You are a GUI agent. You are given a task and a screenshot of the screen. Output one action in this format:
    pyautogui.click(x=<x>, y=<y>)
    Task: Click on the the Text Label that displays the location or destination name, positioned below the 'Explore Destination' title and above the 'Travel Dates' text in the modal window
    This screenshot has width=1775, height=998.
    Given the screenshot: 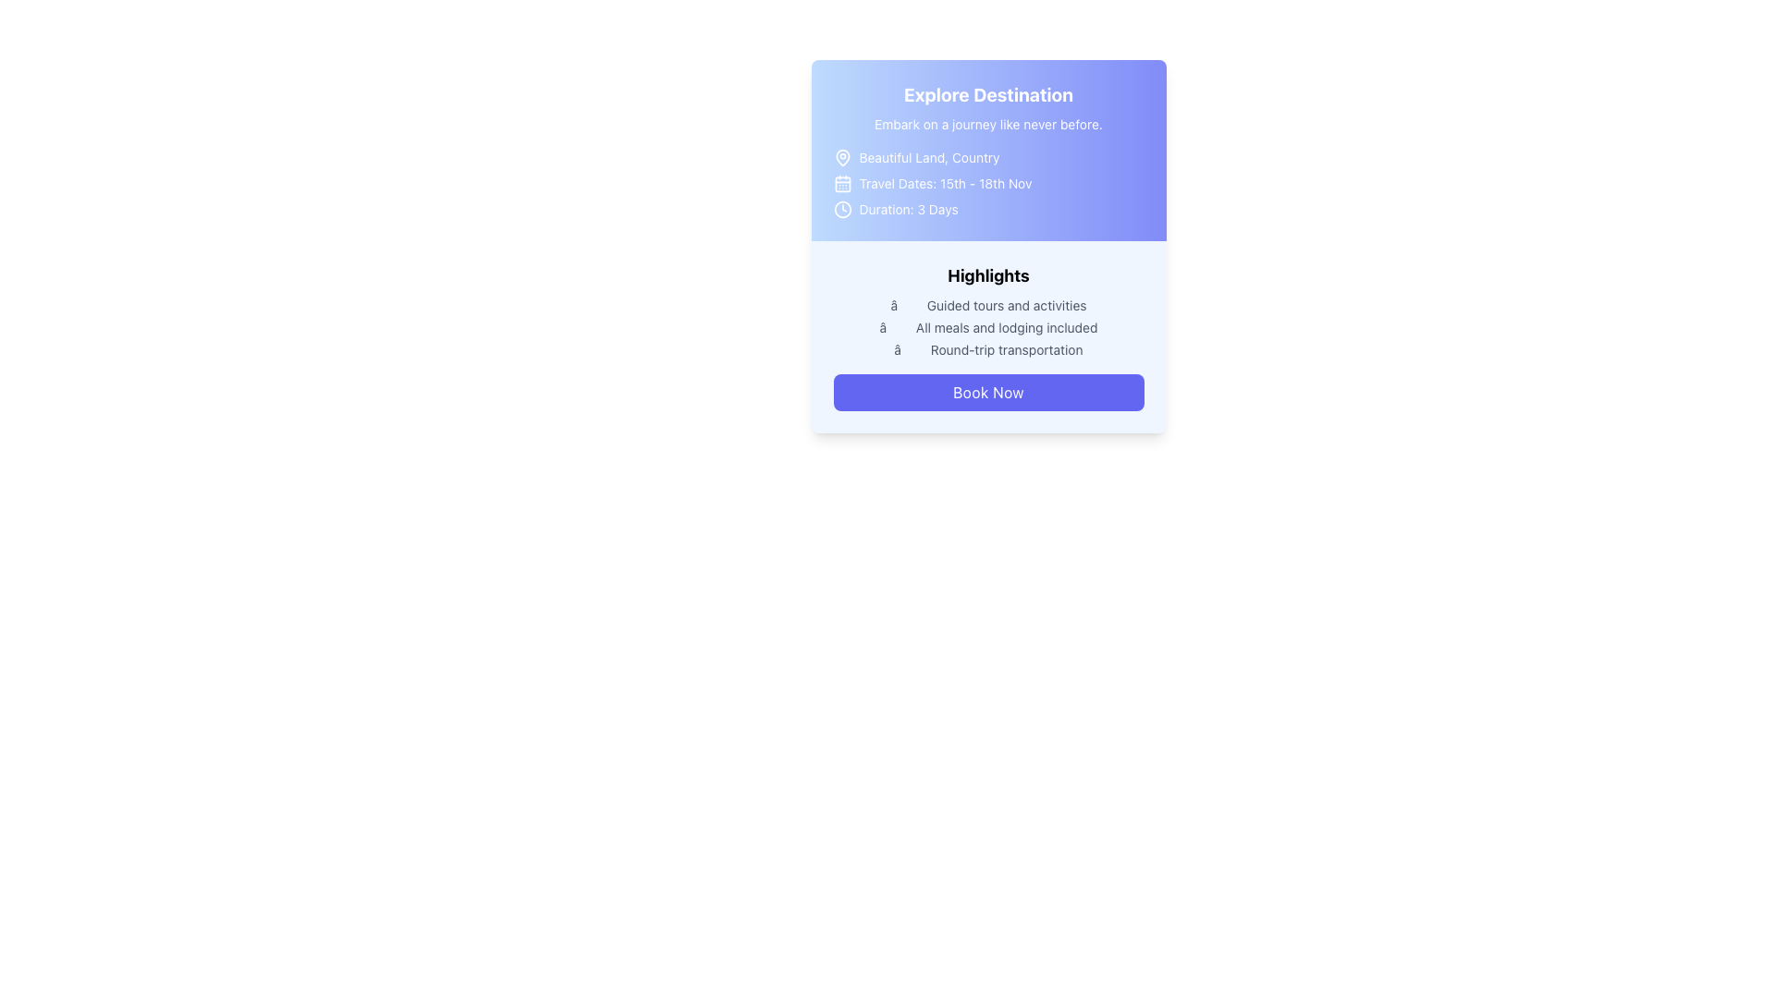 What is the action you would take?
    pyautogui.click(x=929, y=156)
    